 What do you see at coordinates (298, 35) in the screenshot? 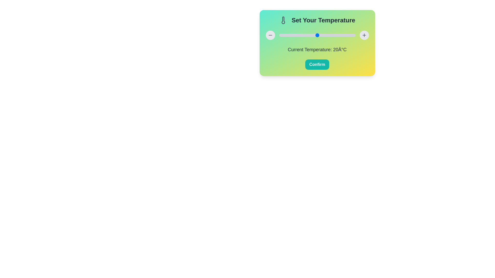
I see `the temperature slider to set the temperature to 10°C` at bounding box center [298, 35].